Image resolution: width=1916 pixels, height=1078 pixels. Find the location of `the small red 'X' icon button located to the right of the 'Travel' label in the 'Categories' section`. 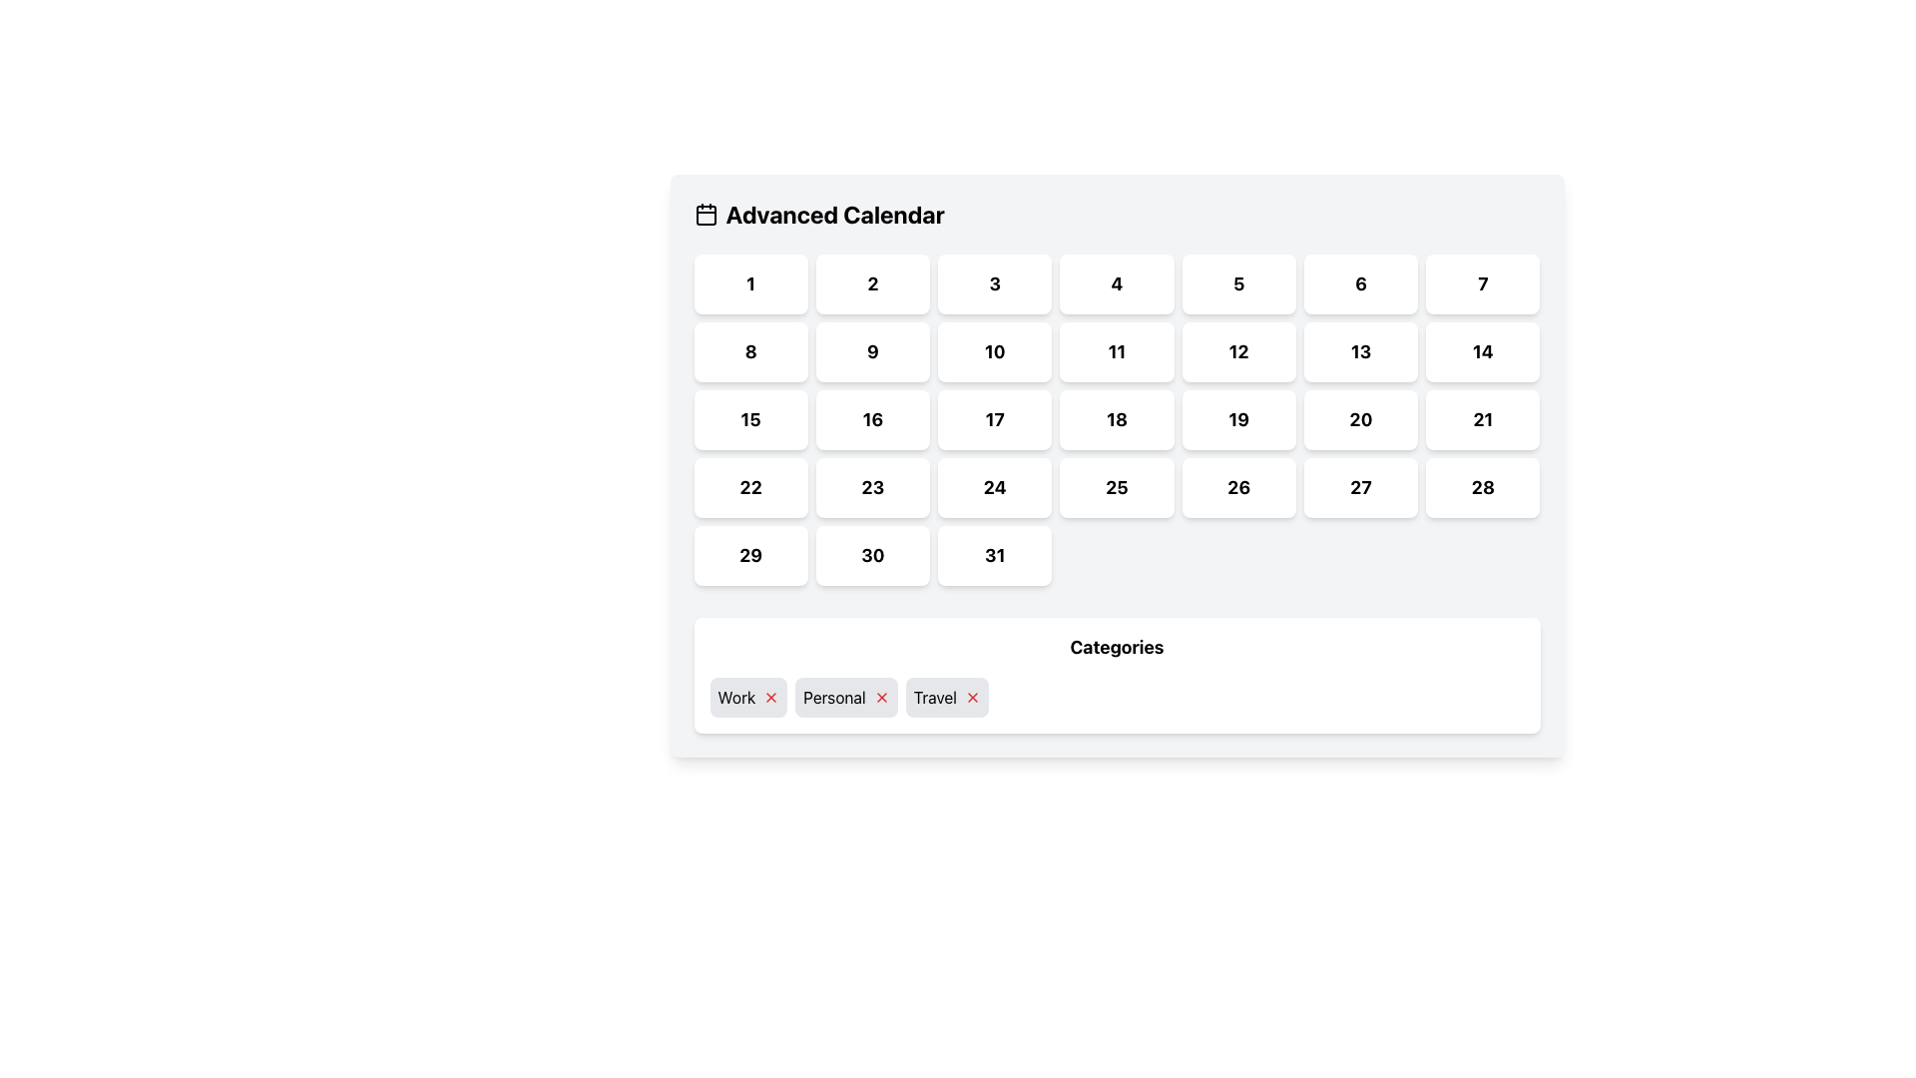

the small red 'X' icon button located to the right of the 'Travel' label in the 'Categories' section is located at coordinates (972, 696).